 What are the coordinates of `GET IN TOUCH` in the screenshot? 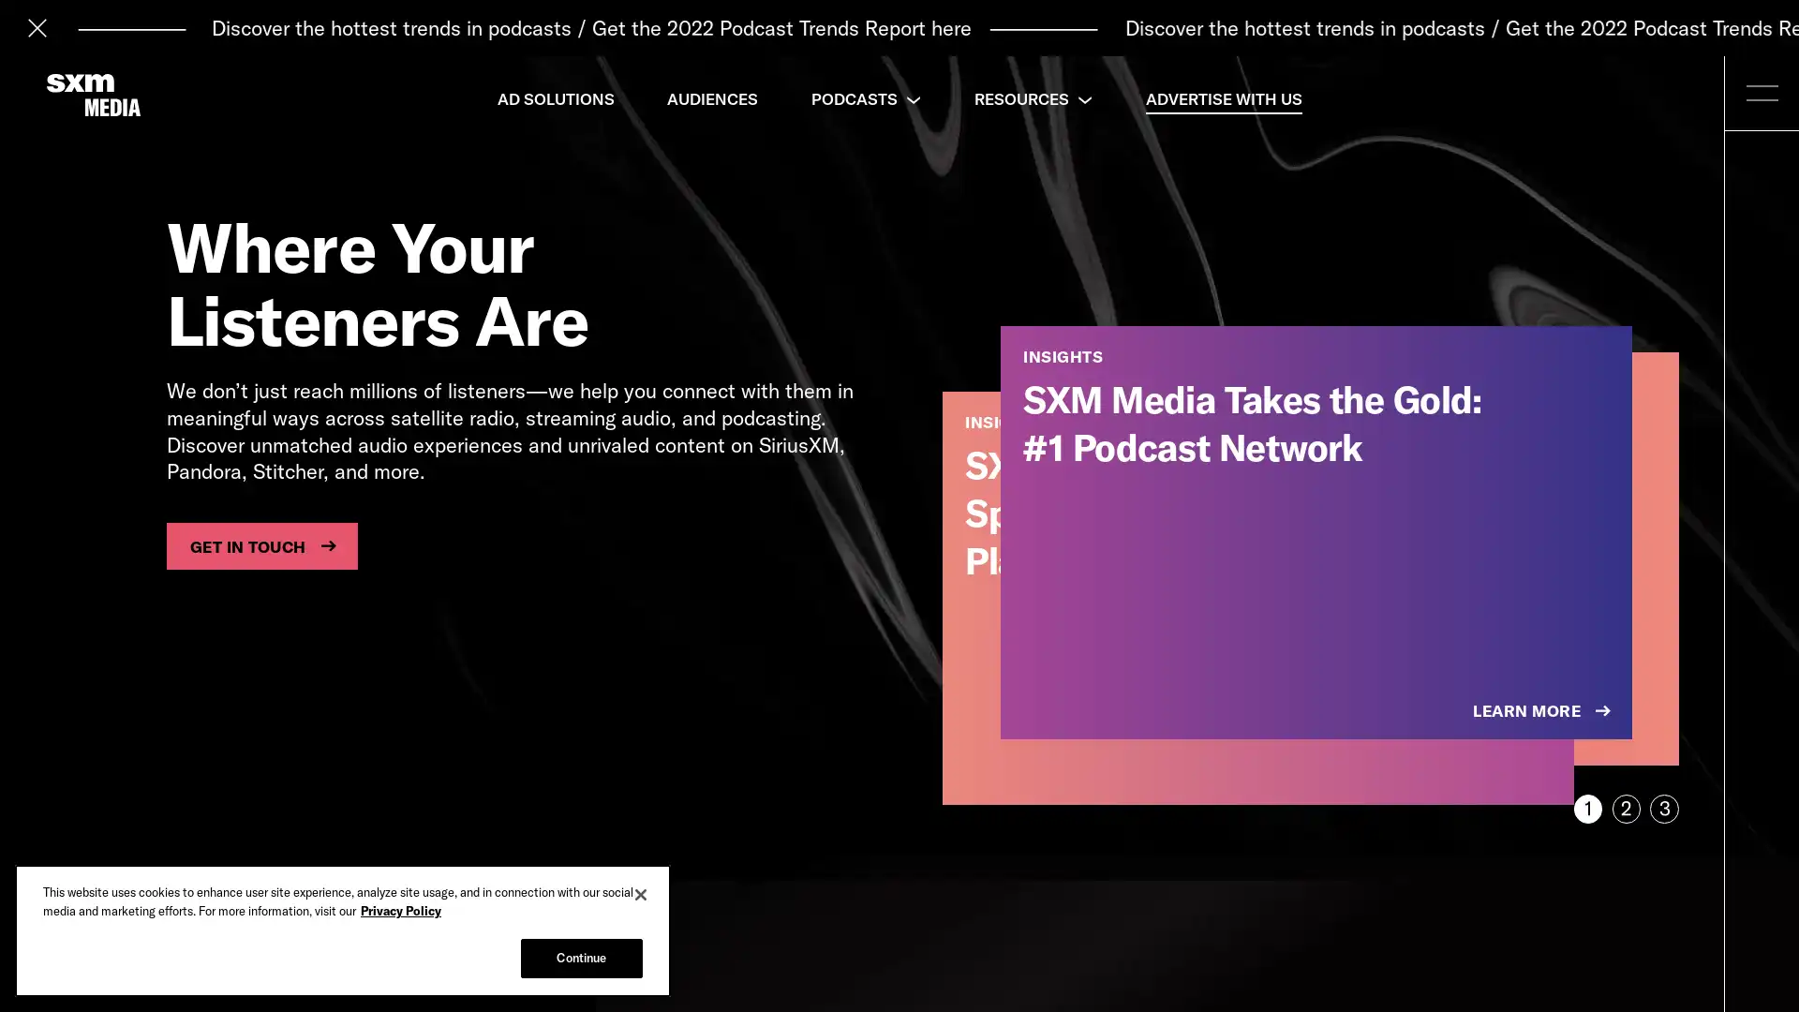 It's located at (260, 545).